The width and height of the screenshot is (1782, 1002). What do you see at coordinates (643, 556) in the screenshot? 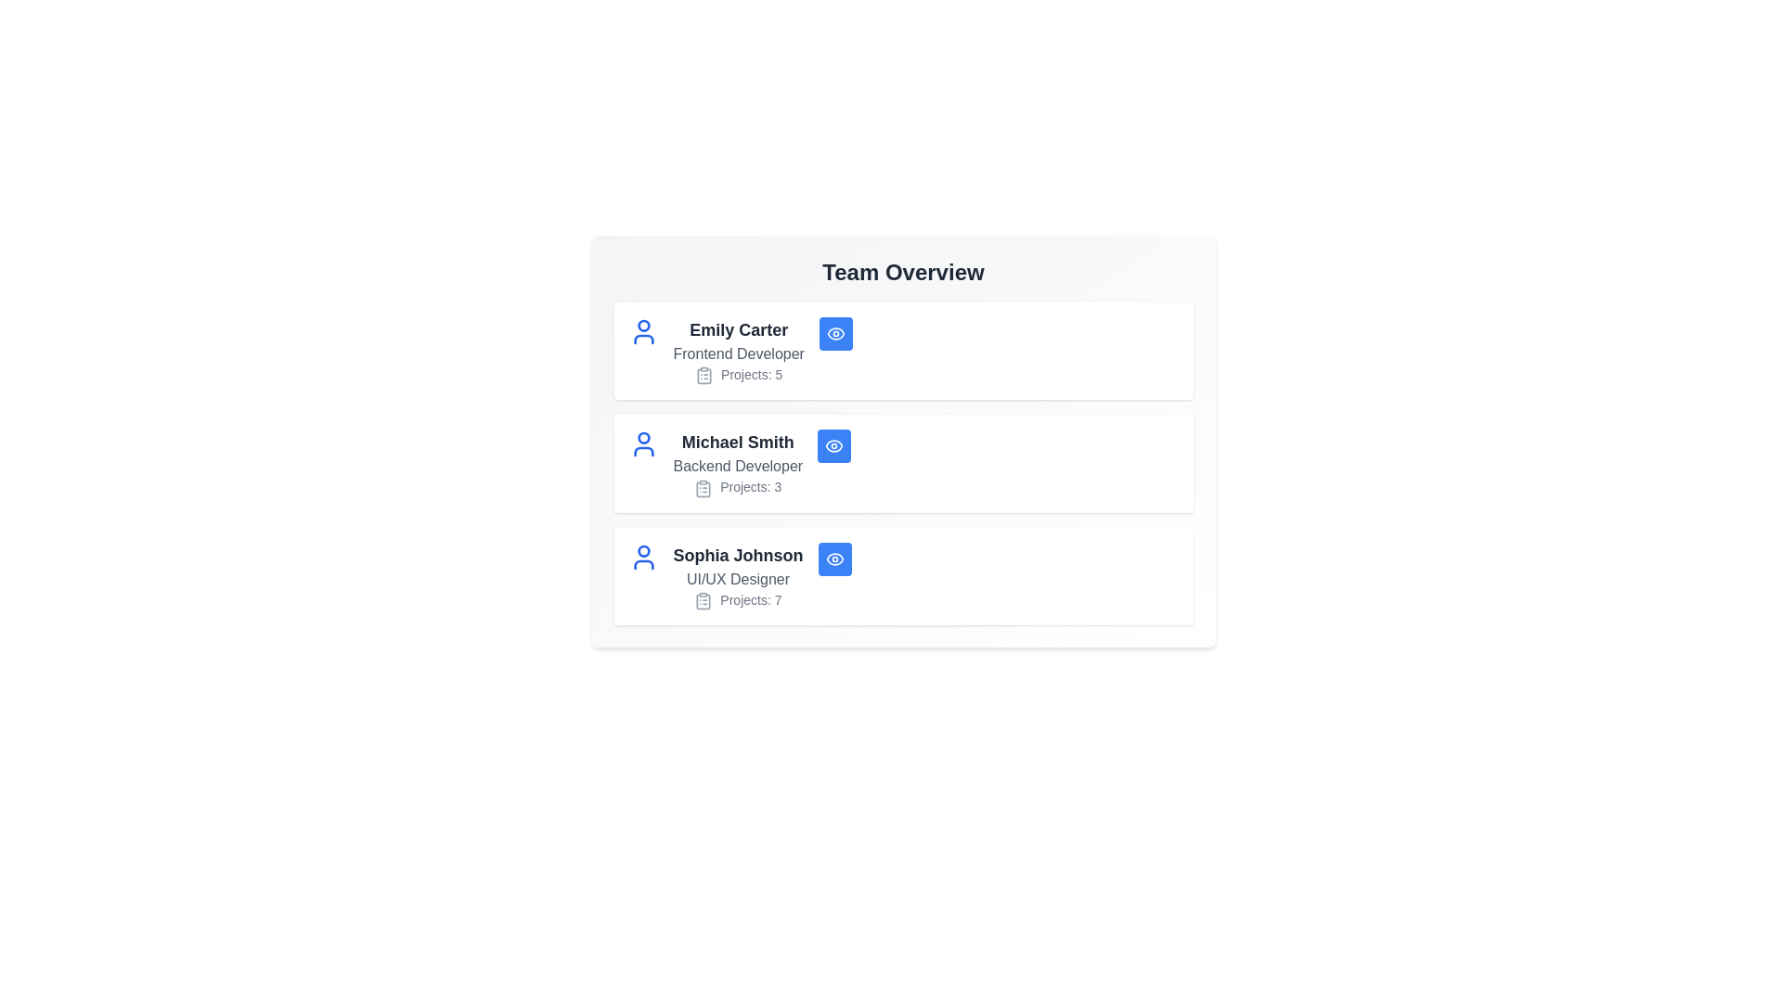
I see `the icon representing a team member identified by Sophia Johnson` at bounding box center [643, 556].